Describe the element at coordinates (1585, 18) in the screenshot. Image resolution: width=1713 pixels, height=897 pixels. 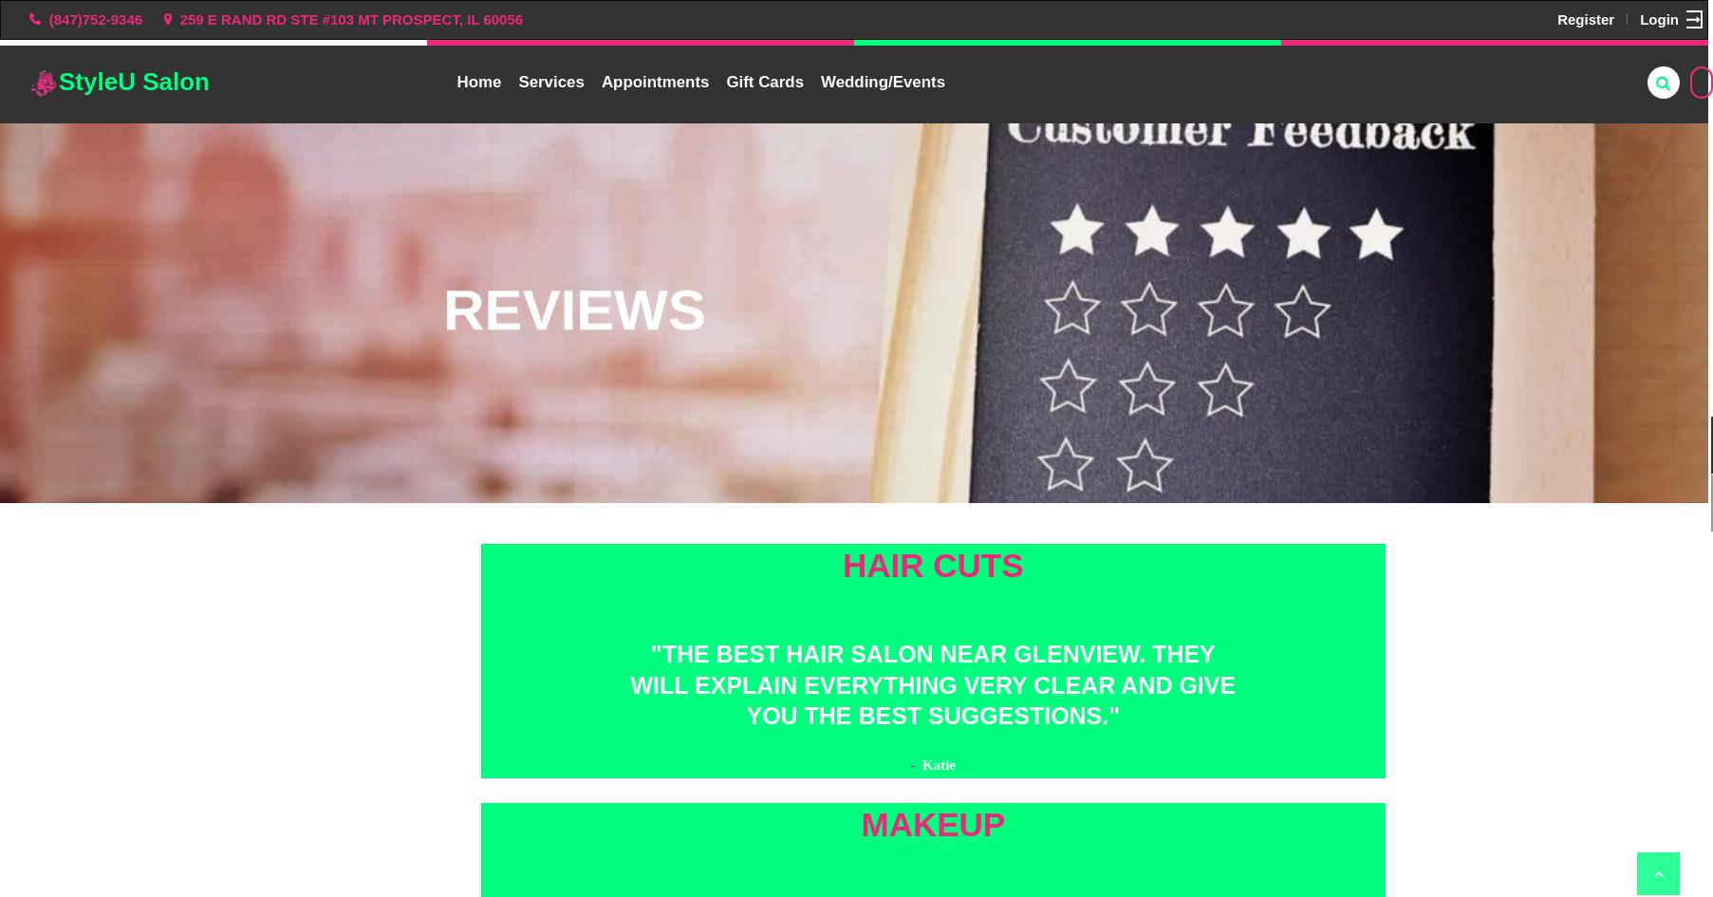
I see `'Register'` at that location.